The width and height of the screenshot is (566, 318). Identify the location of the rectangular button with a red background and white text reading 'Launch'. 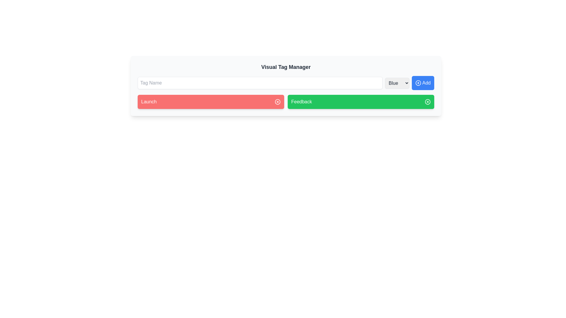
(211, 102).